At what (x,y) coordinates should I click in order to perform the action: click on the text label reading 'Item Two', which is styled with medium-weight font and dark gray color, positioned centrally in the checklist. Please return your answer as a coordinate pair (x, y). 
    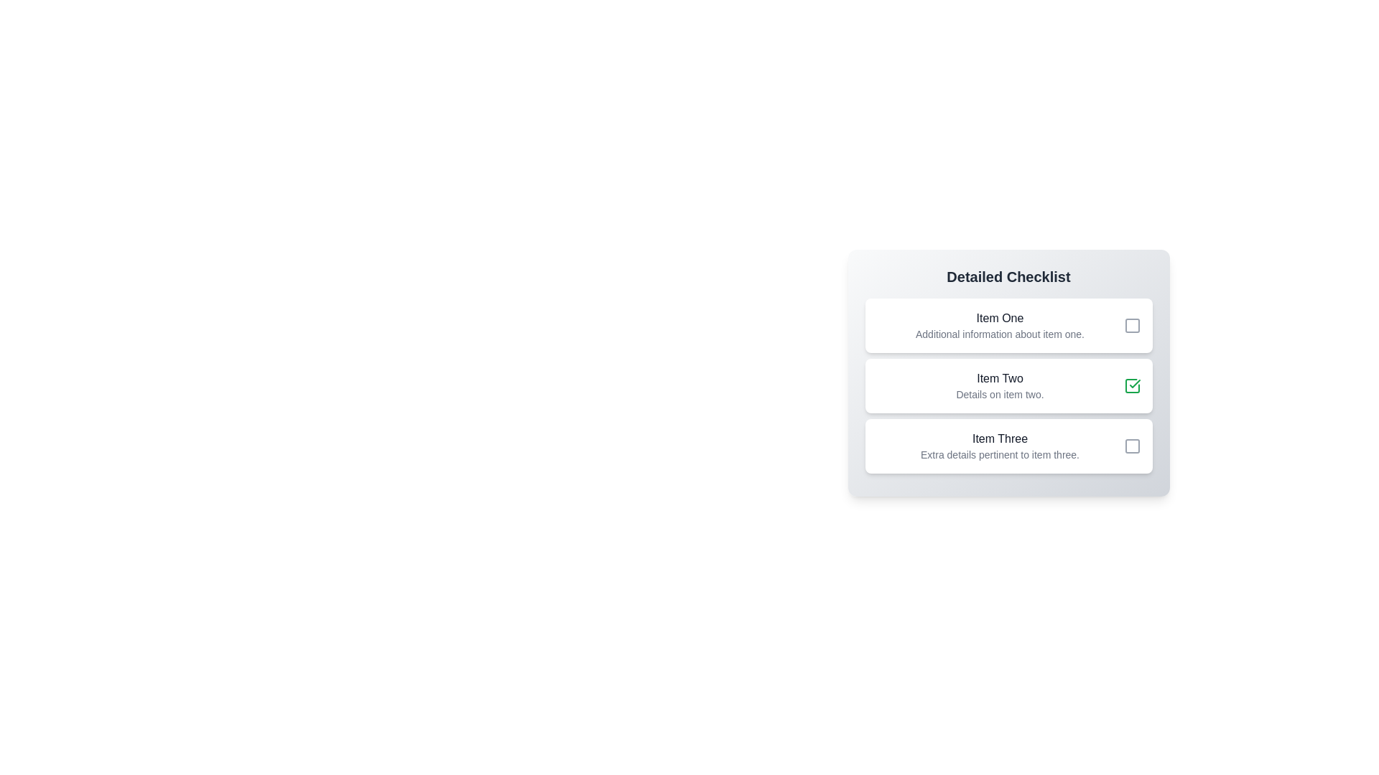
    Looking at the image, I should click on (999, 378).